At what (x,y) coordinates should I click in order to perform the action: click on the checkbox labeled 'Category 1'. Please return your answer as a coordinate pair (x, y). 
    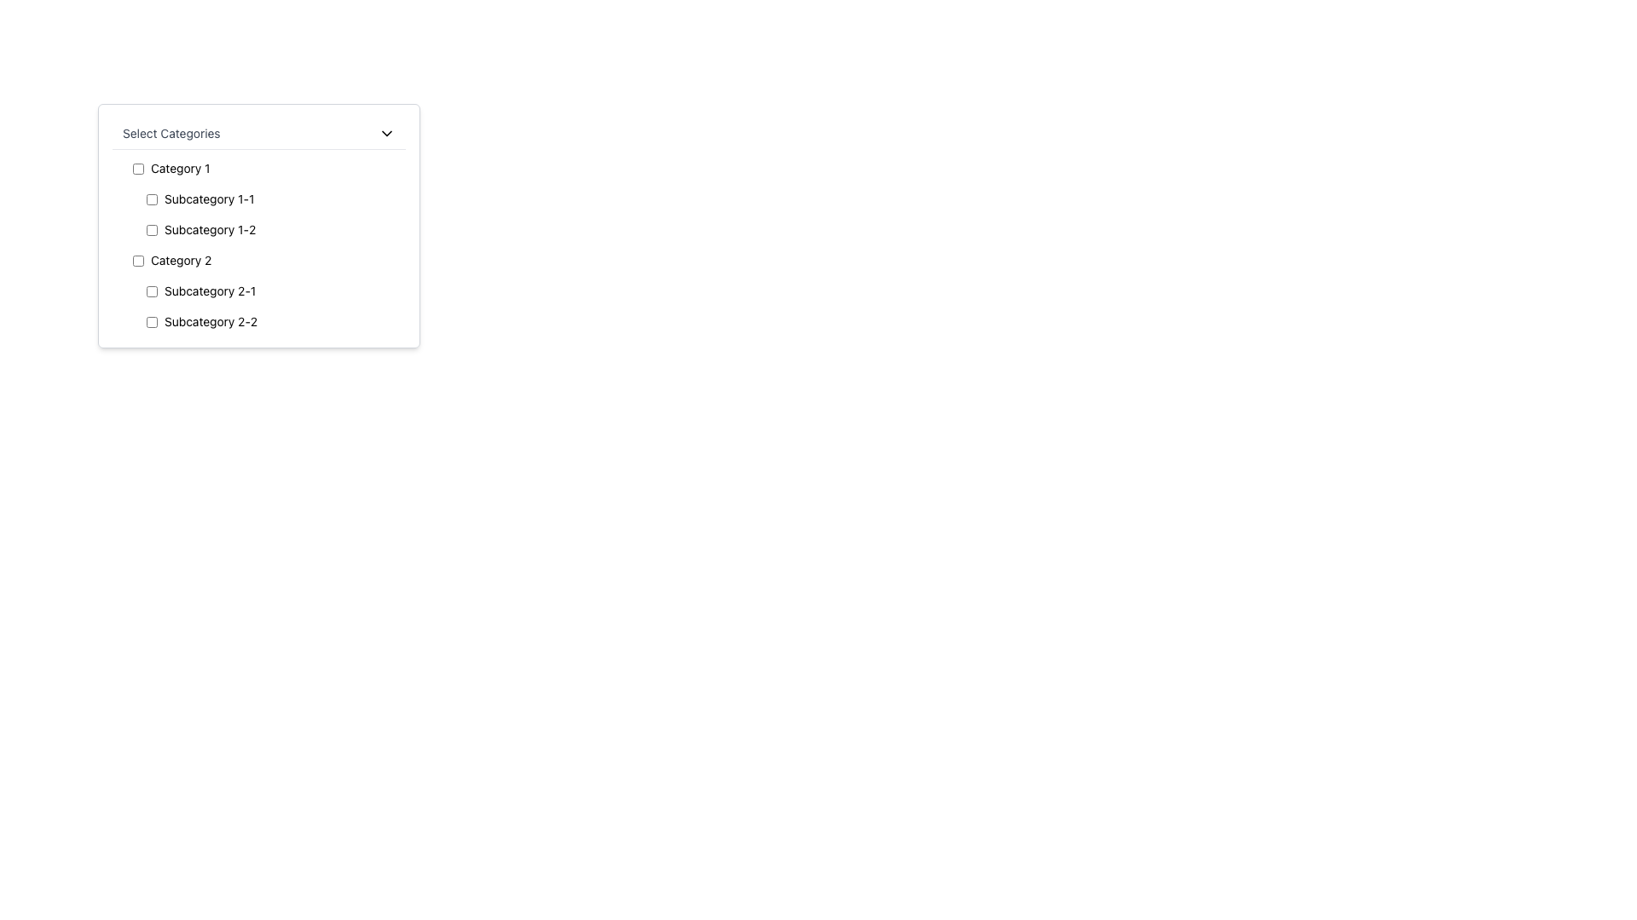
    Looking at the image, I should click on (265, 168).